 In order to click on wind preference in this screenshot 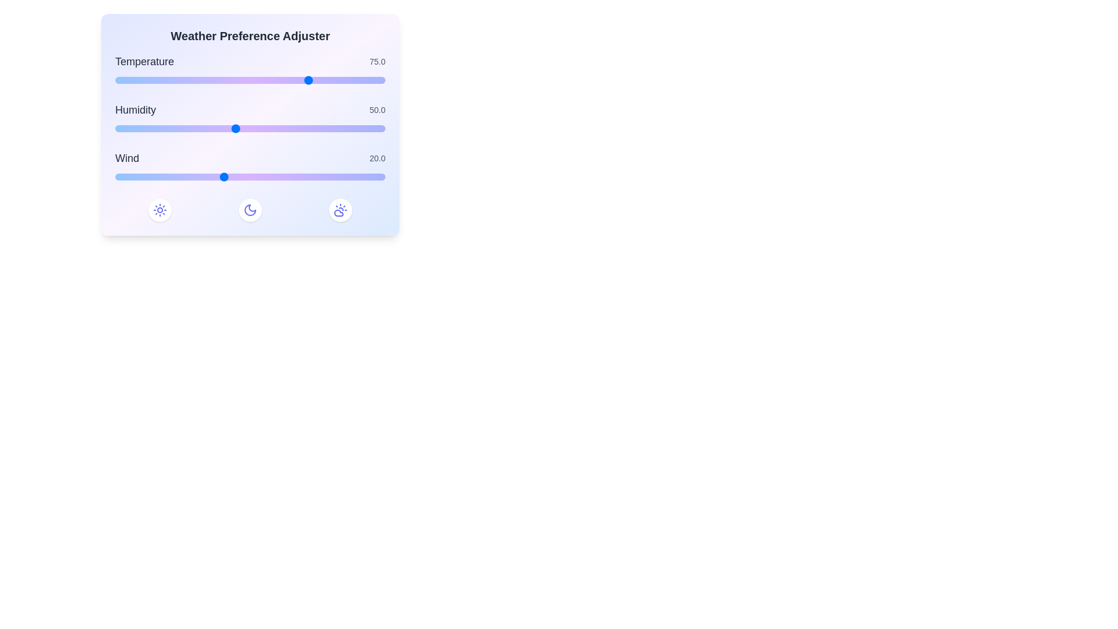, I will do `click(201, 177)`.